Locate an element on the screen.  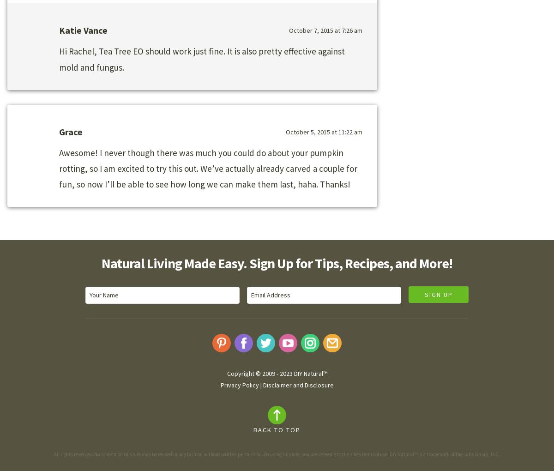
'Hi Rachel, Tea Tree EO should work just fine. It is also pretty effective against mold and fungus.' is located at coordinates (59, 59).